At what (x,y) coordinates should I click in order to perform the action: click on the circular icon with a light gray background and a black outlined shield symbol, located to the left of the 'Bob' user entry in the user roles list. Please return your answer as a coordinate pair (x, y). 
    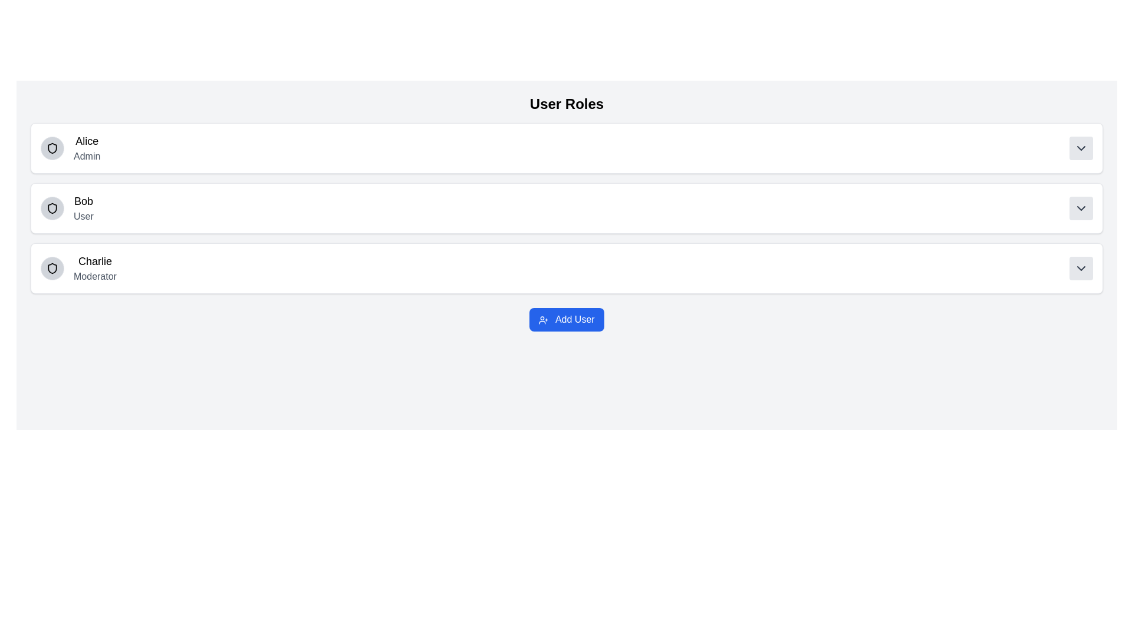
    Looking at the image, I should click on (52, 208).